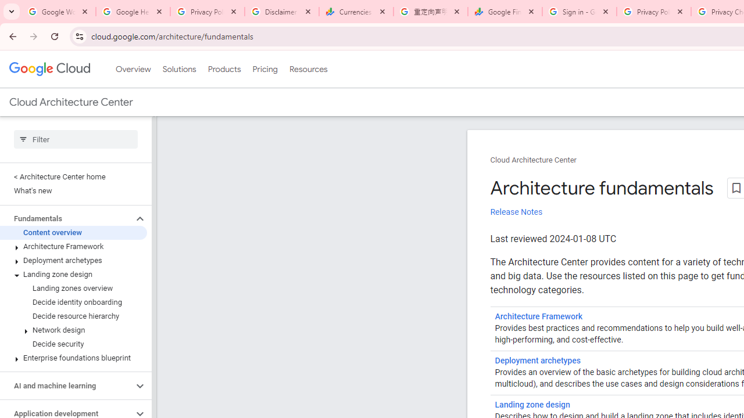 The height and width of the screenshot is (418, 744). What do you see at coordinates (73, 316) in the screenshot?
I see `'Decide resource hierarchy'` at bounding box center [73, 316].